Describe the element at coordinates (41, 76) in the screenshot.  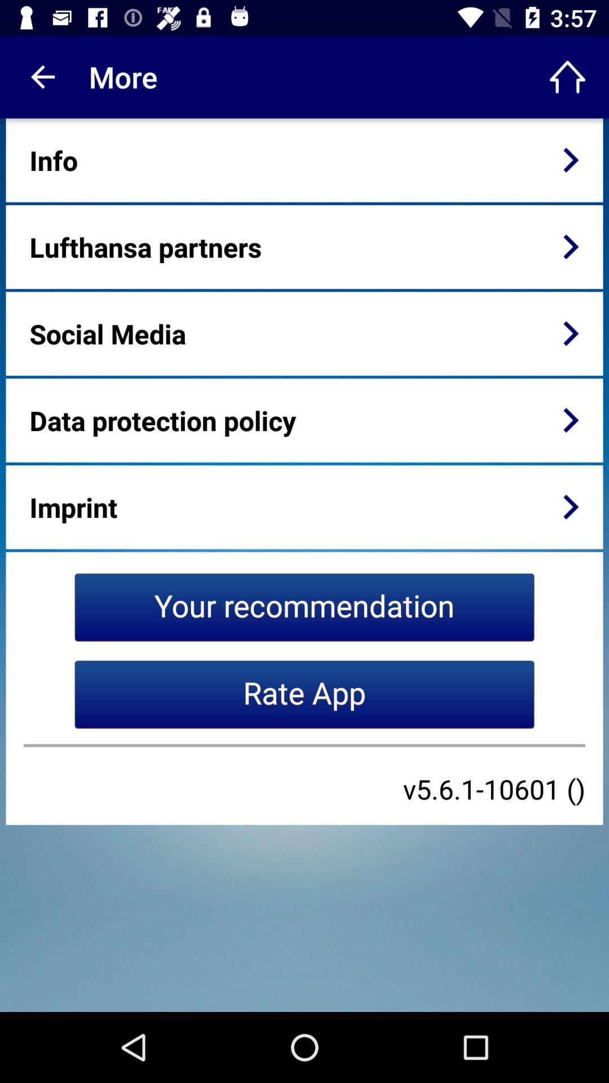
I see `the app to the left of the more` at that location.